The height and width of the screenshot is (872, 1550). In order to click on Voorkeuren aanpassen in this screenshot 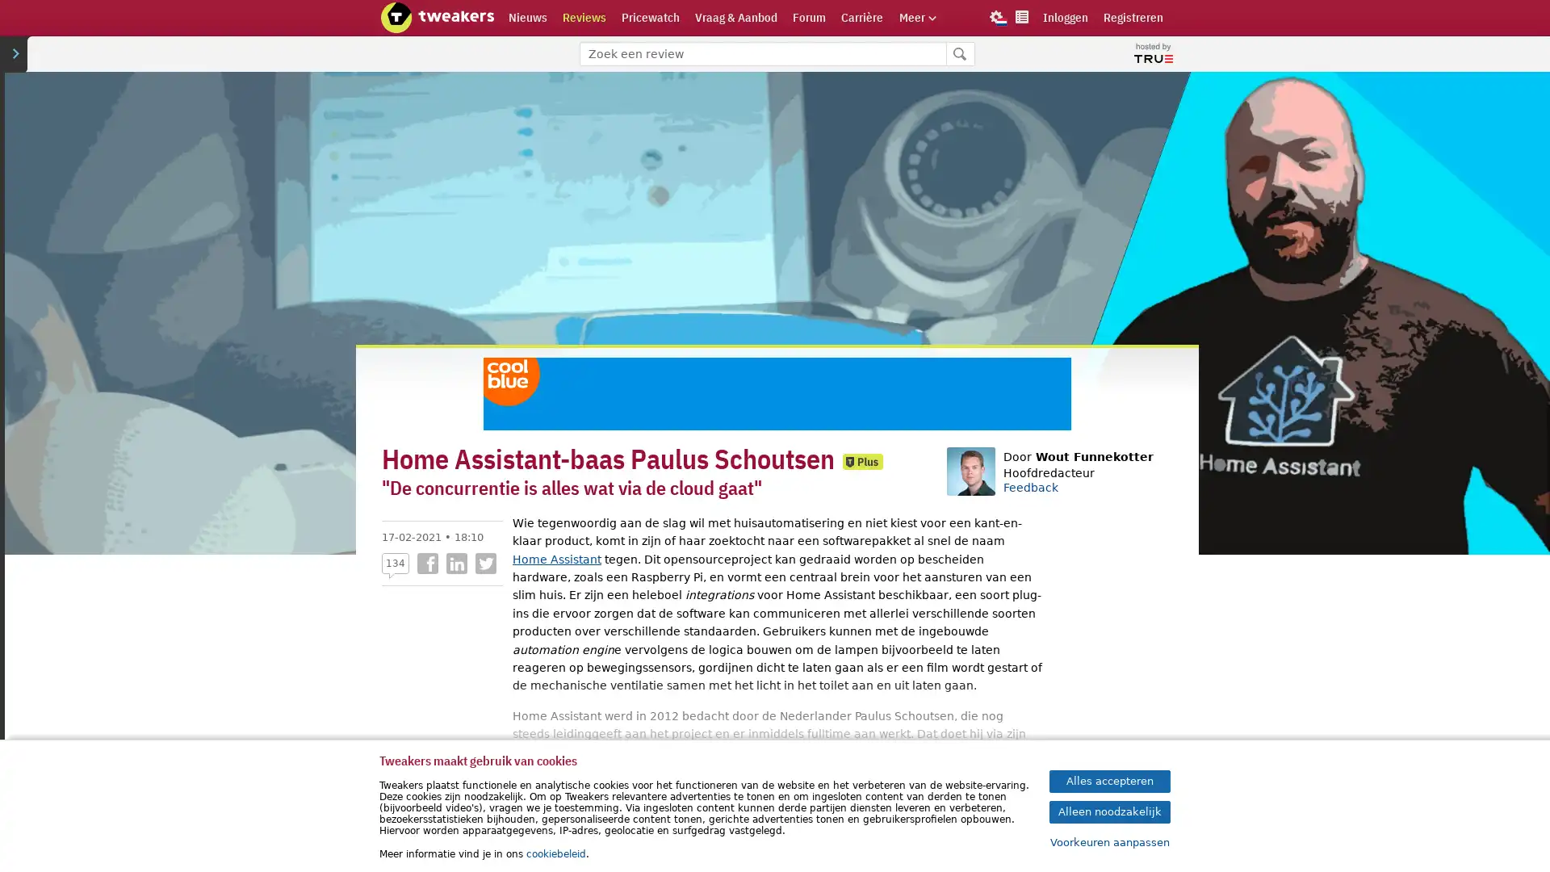, I will do `click(1108, 842)`.